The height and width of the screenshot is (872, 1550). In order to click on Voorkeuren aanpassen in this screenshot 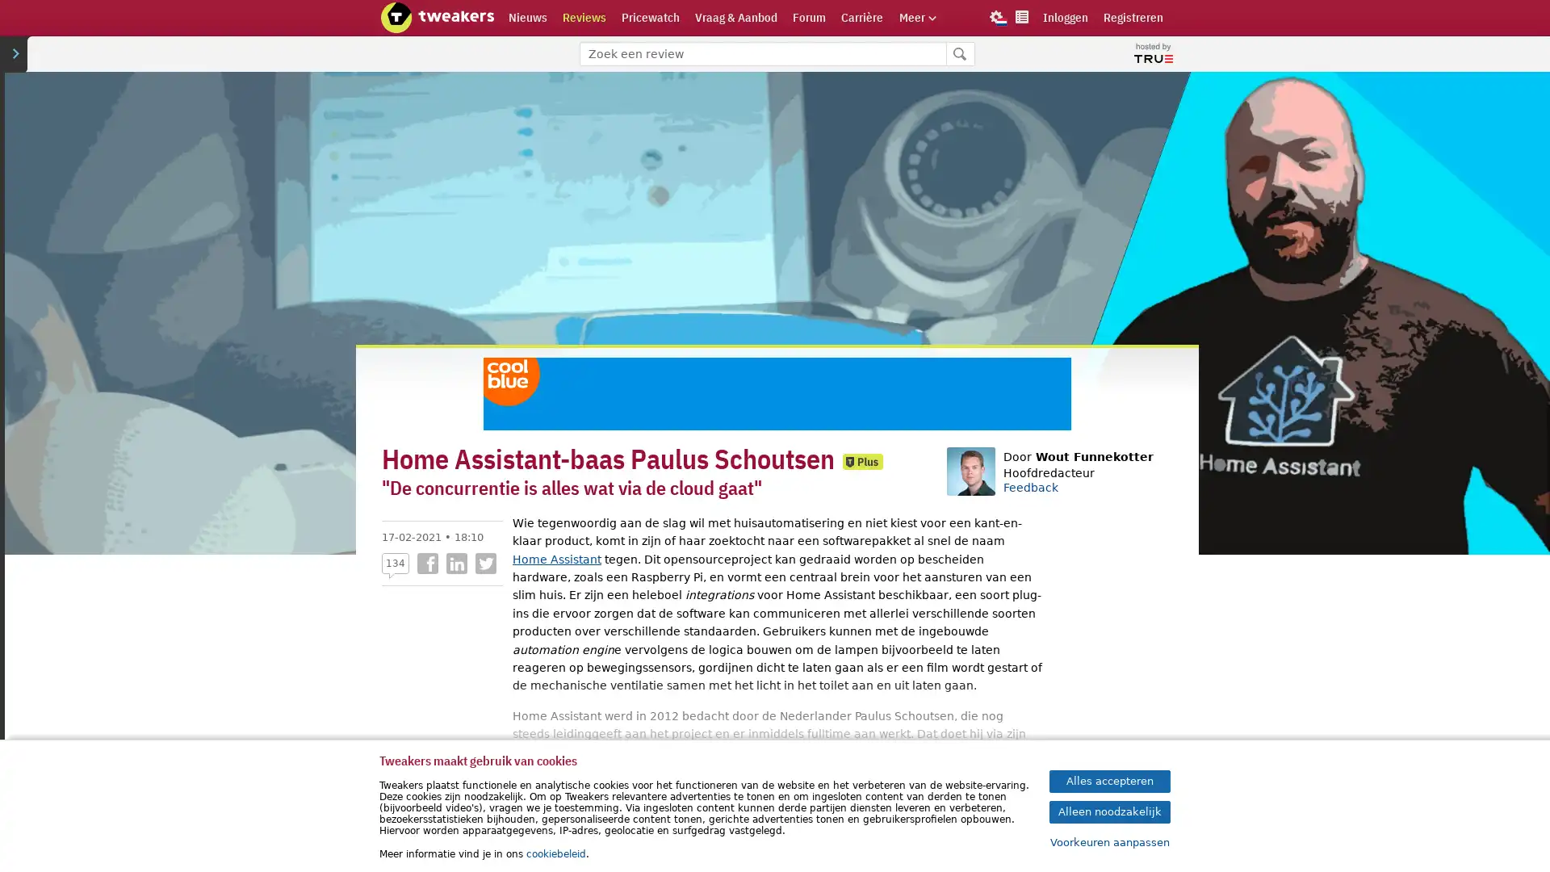, I will do `click(1108, 842)`.